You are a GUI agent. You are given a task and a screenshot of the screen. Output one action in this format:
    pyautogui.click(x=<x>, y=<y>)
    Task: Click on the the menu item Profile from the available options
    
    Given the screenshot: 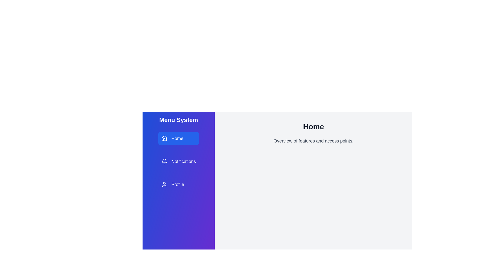 What is the action you would take?
    pyautogui.click(x=178, y=184)
    